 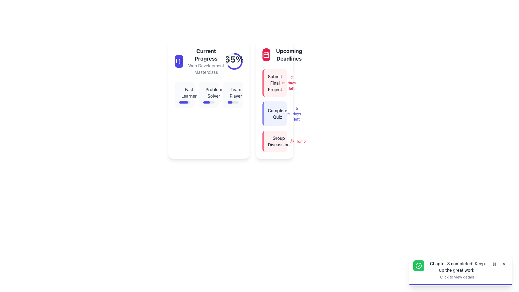 I want to click on or dismiss the notification card with the text 'Submit Final Project' located in the 'Upcoming Deadlines' section, so click(x=275, y=83).